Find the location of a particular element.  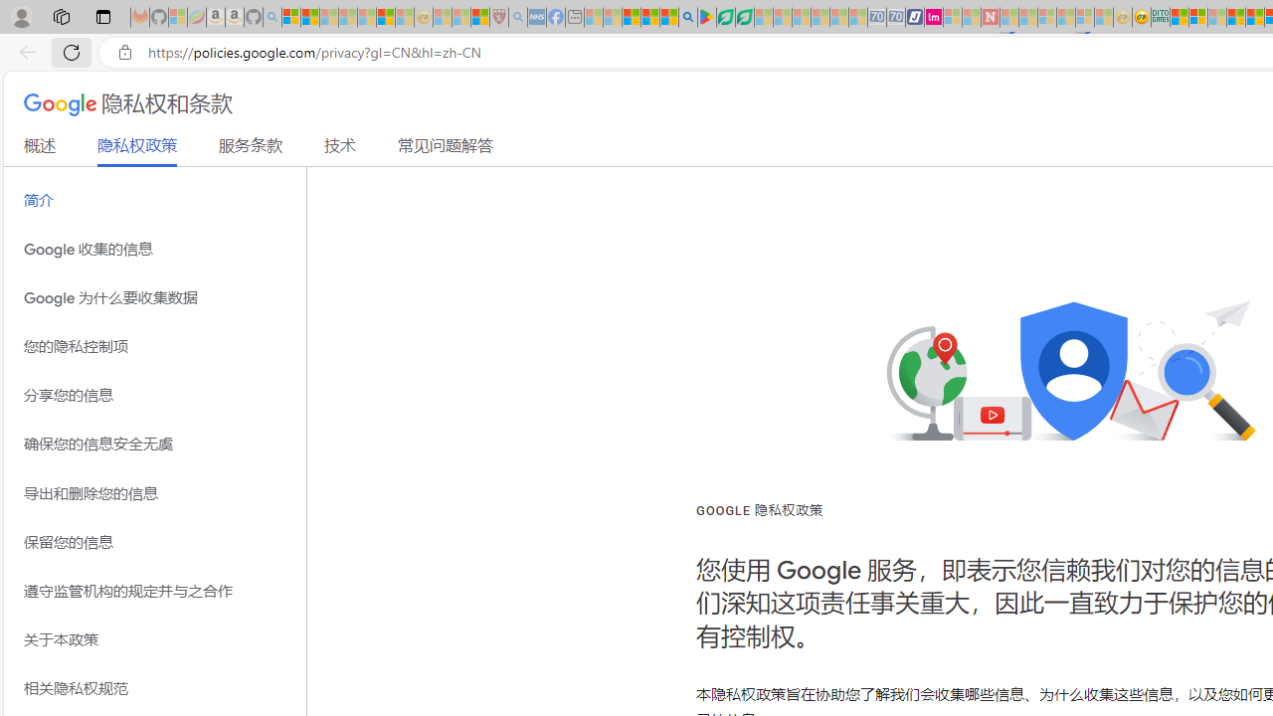

'Local - MSN' is located at coordinates (479, 17).